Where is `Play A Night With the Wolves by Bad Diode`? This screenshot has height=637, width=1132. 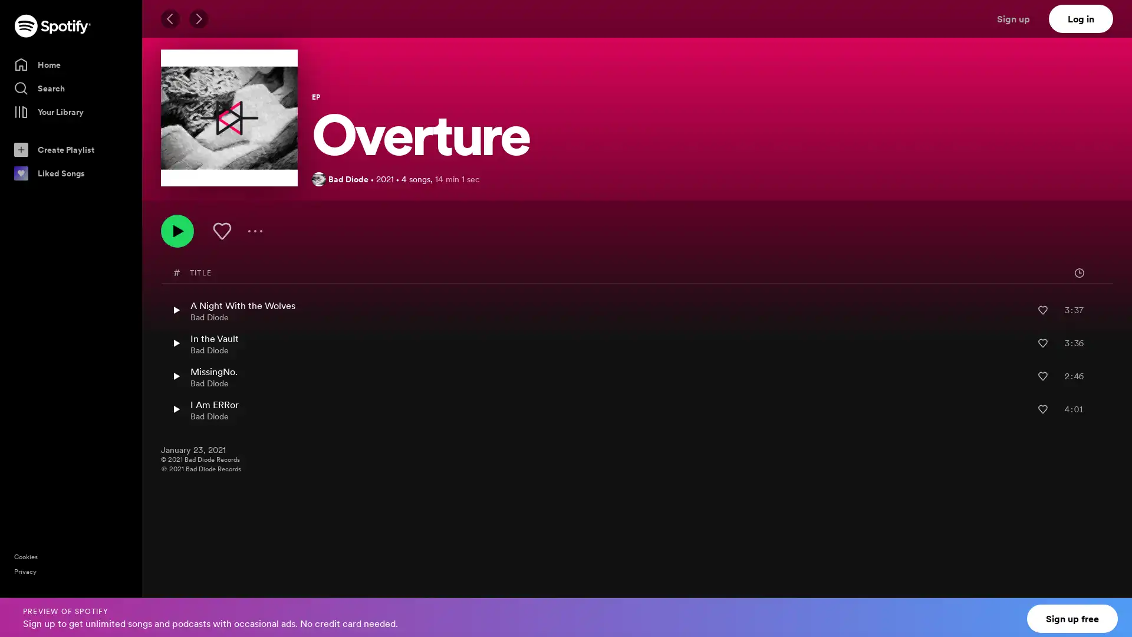
Play A Night With the Wolves by Bad Diode is located at coordinates (175, 309).